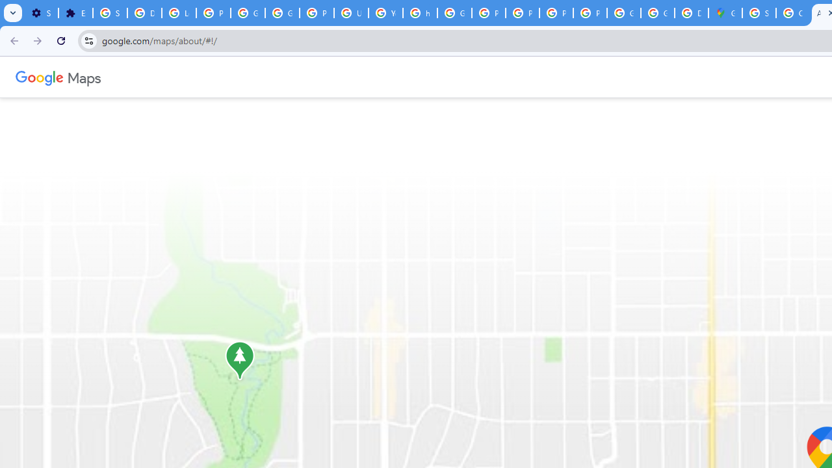  Describe the element at coordinates (281, 13) in the screenshot. I see `'Google Account Help'` at that location.